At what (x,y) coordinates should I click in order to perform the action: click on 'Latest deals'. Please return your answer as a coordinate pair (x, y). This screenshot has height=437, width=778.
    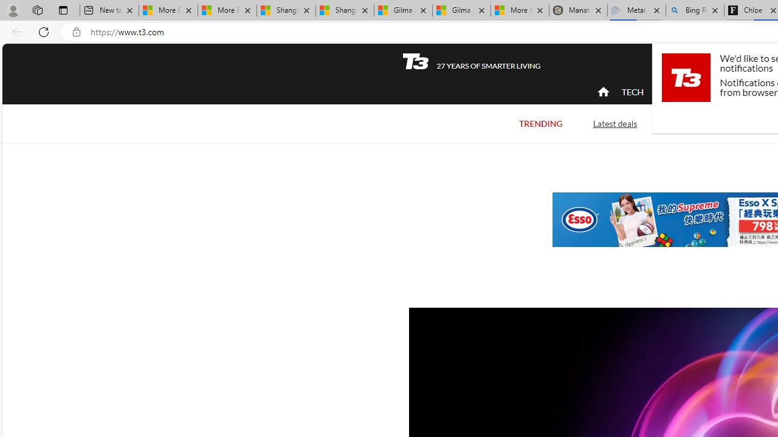
    Looking at the image, I should click on (614, 124).